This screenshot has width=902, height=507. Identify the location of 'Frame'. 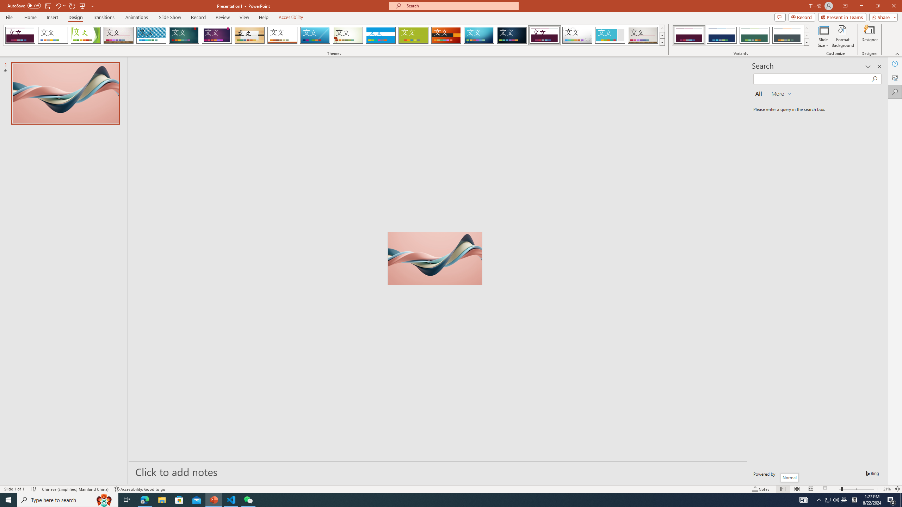
(610, 35).